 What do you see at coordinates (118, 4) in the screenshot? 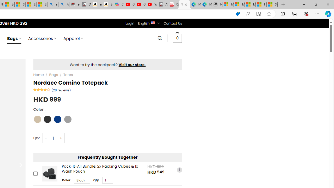
I see `'Copilot'` at bounding box center [118, 4].